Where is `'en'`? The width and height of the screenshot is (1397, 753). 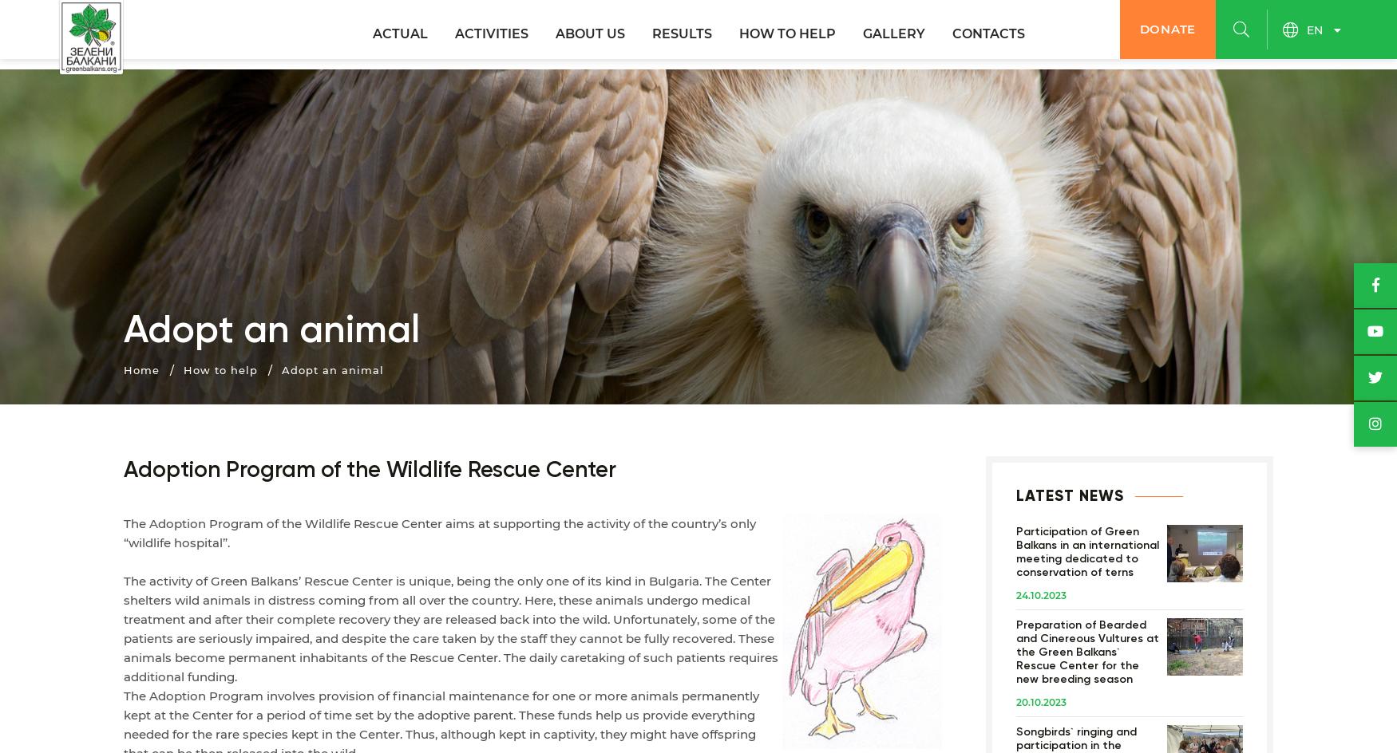
'en' is located at coordinates (1316, 34).